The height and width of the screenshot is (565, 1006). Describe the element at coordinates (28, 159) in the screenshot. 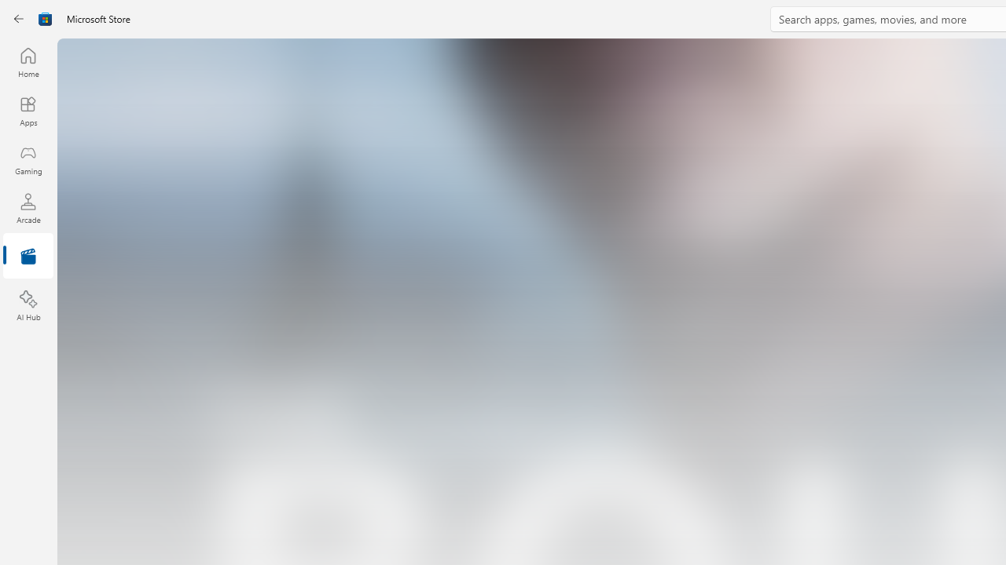

I see `'Gaming'` at that location.